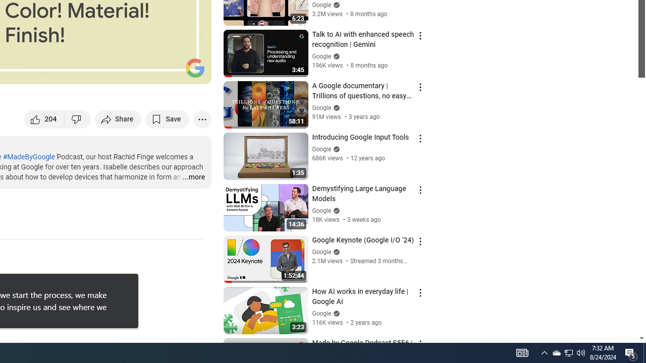 The width and height of the screenshot is (646, 363). Describe the element at coordinates (144, 71) in the screenshot. I see `'Miniplayer (i)'` at that location.